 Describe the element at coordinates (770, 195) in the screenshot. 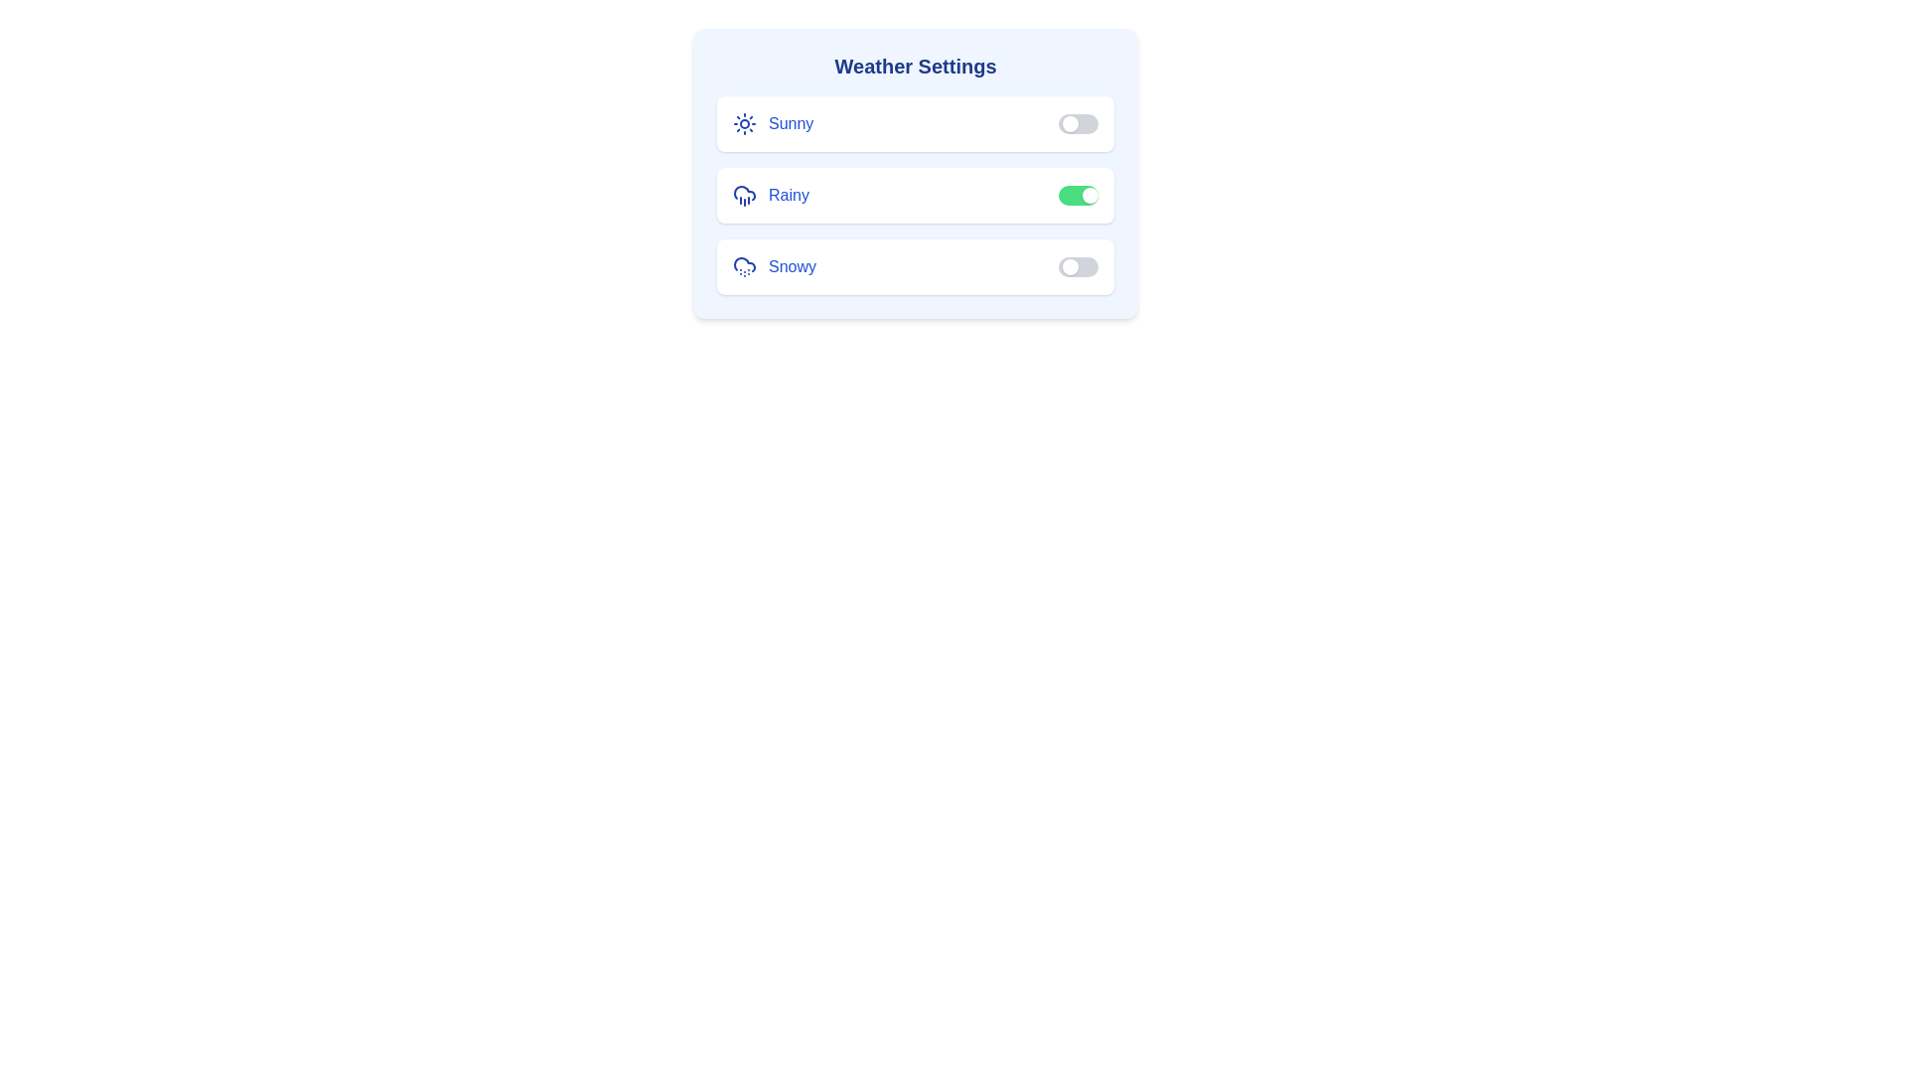

I see `the 'Rainy' weather setting element, which is visually represented by descriptive text and an icon, positioned between 'Sunny' and 'Snowy' options in the weather settings list` at that location.